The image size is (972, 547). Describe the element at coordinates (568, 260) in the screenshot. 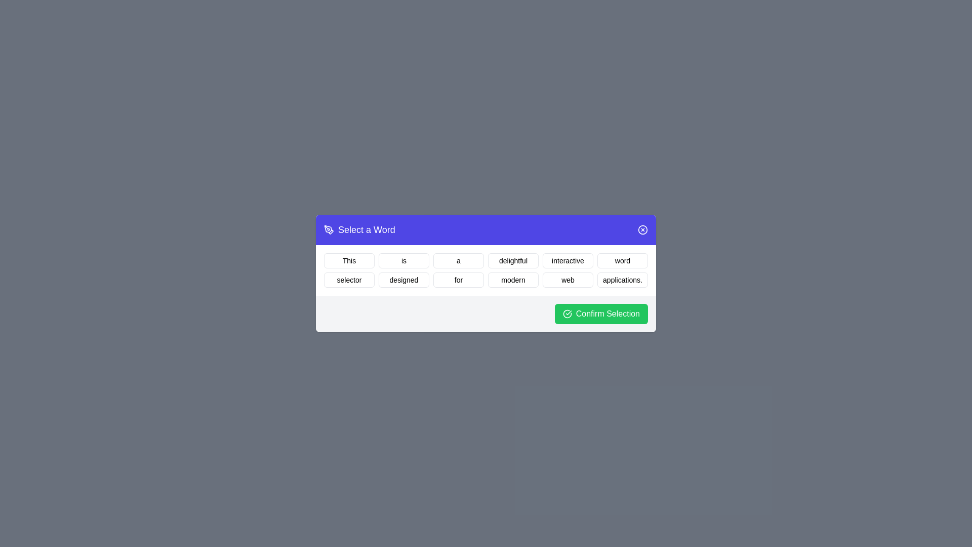

I see `the word interactive by clicking on it` at that location.